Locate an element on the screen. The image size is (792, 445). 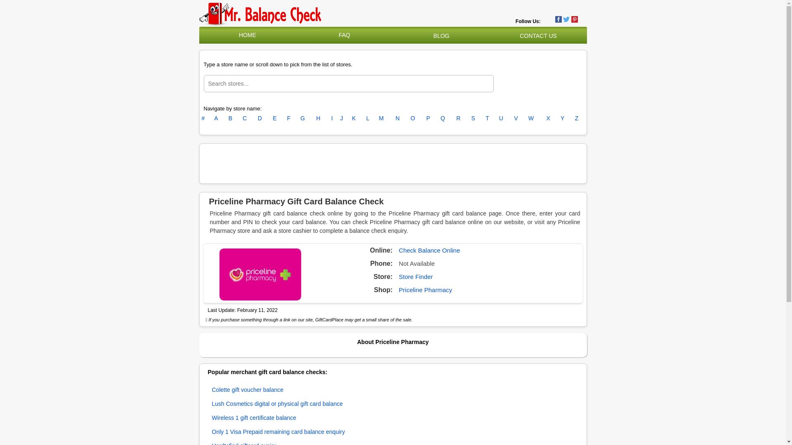
'BLOG' is located at coordinates (441, 35).